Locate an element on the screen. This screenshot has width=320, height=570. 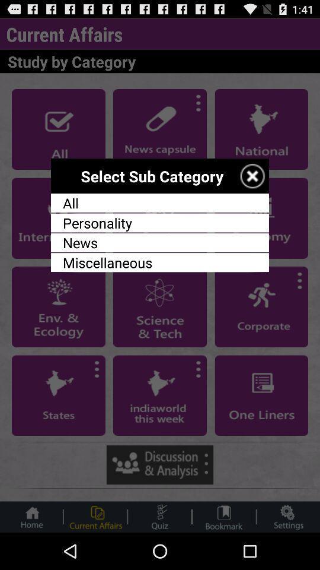
miscellaneous icon is located at coordinates (160, 262).